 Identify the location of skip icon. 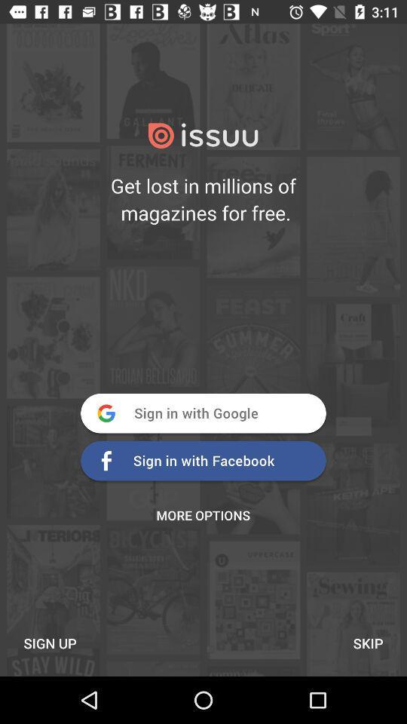
(367, 643).